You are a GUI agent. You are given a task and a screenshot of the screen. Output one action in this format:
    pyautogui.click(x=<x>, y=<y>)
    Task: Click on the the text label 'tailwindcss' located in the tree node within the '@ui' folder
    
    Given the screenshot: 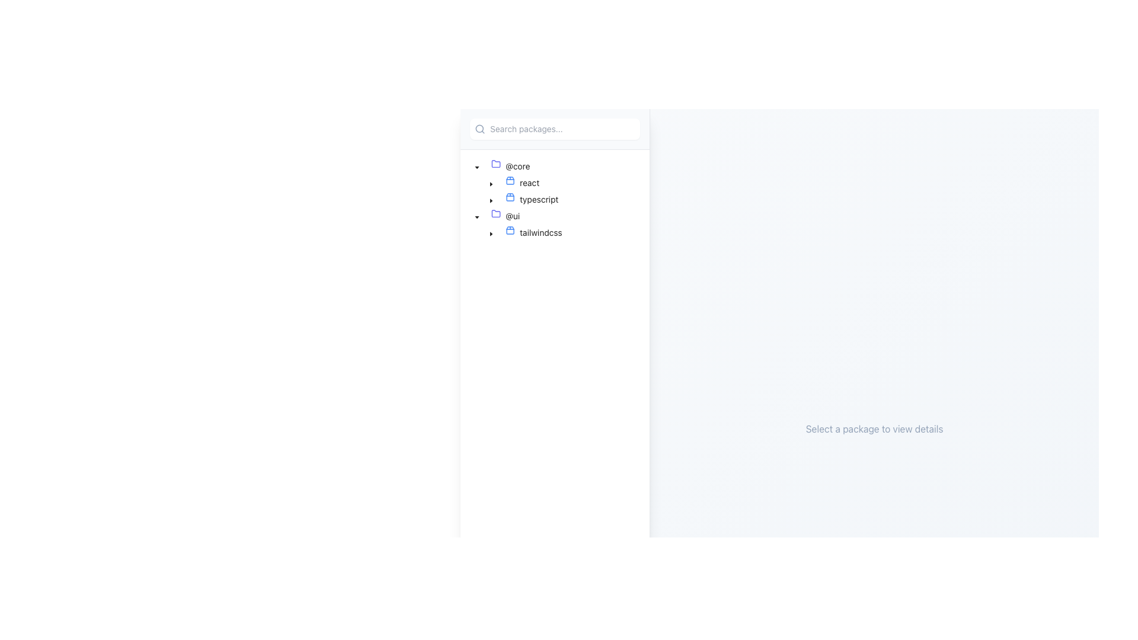 What is the action you would take?
    pyautogui.click(x=540, y=232)
    